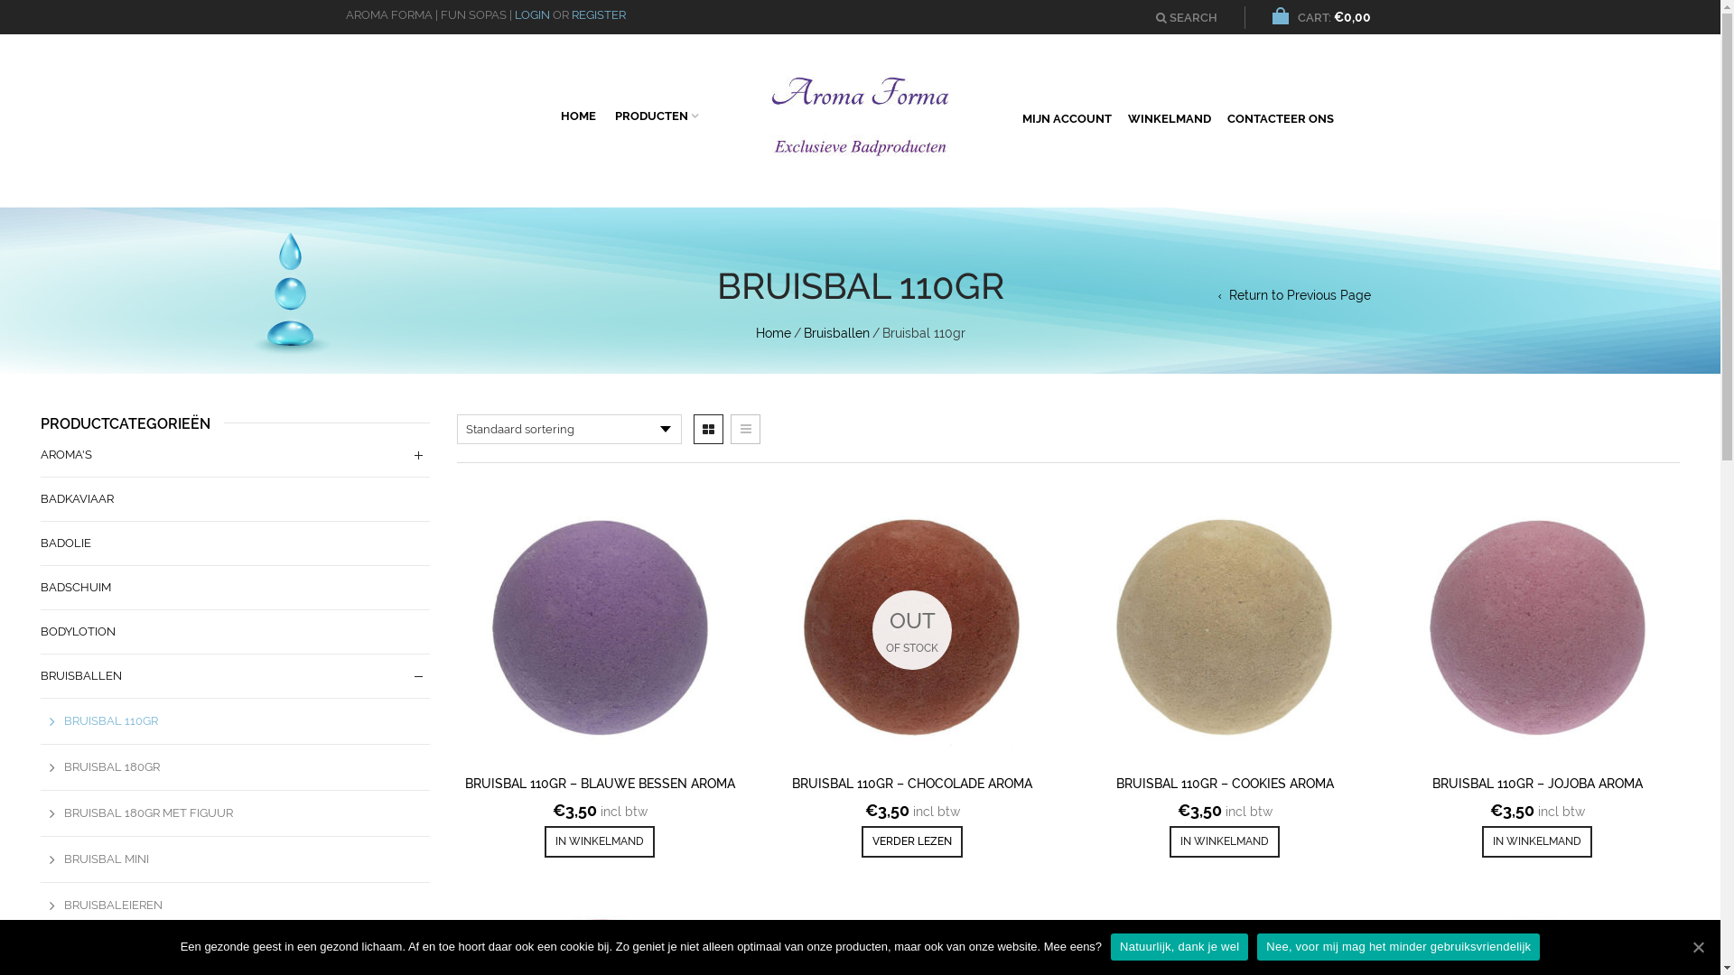 The height and width of the screenshot is (975, 1734). What do you see at coordinates (1170, 116) in the screenshot?
I see `'WINKELMAND'` at bounding box center [1170, 116].